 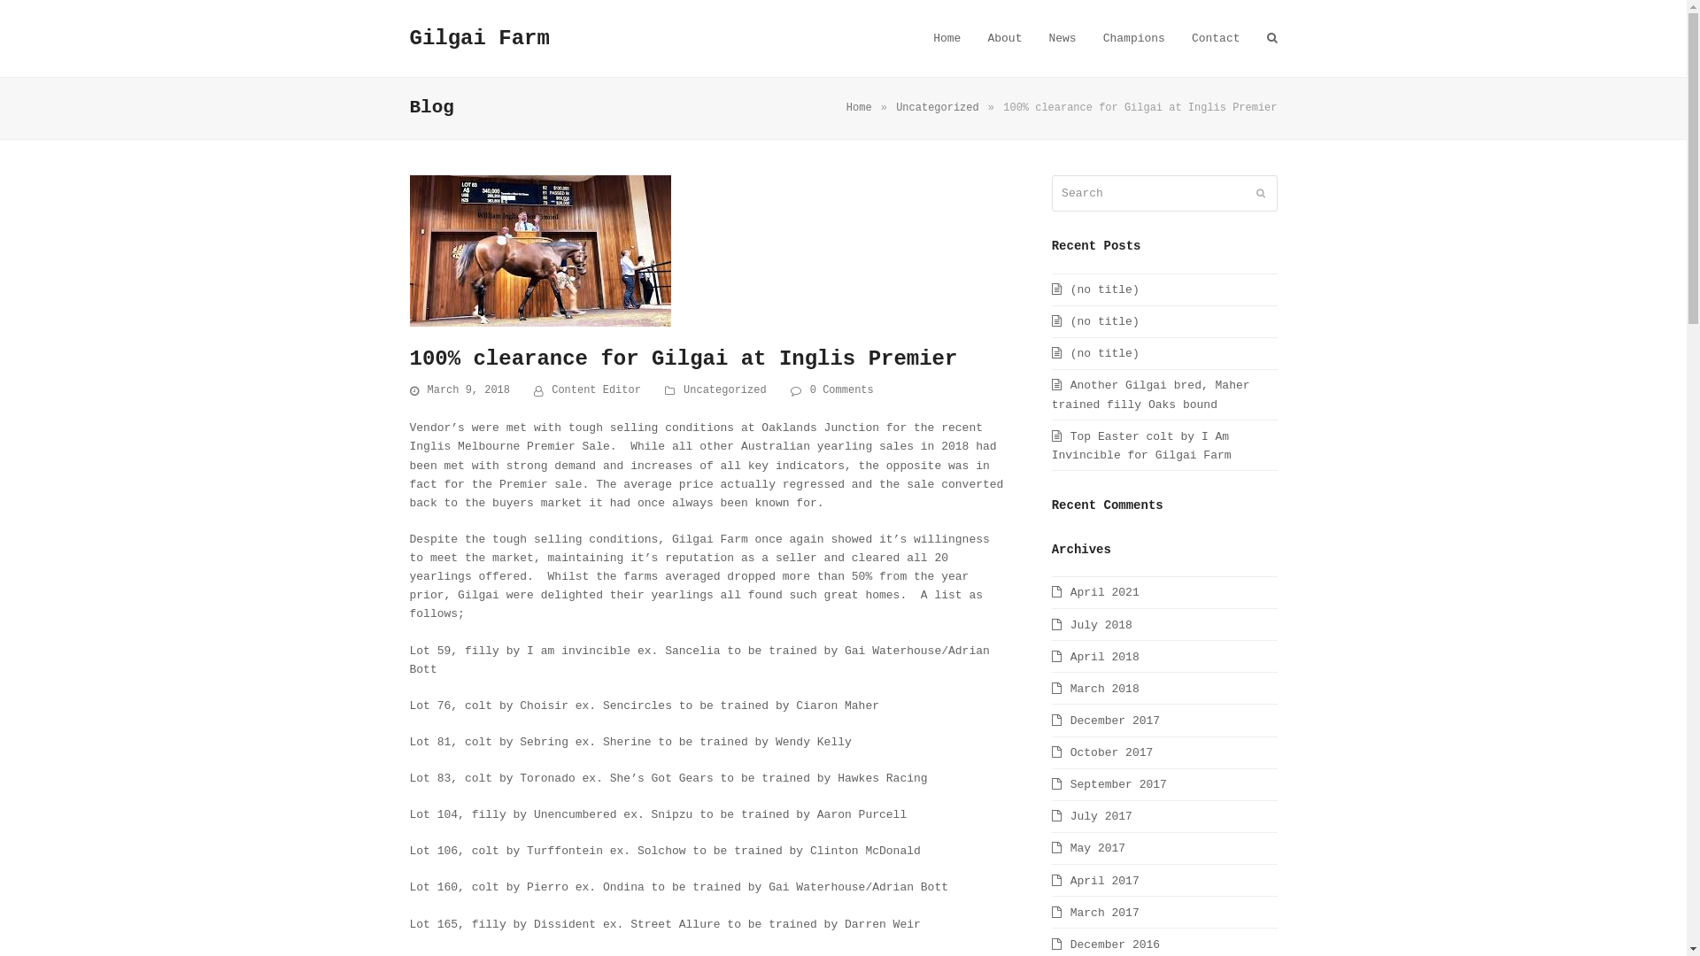 I want to click on '(no title)', so click(x=1094, y=321).